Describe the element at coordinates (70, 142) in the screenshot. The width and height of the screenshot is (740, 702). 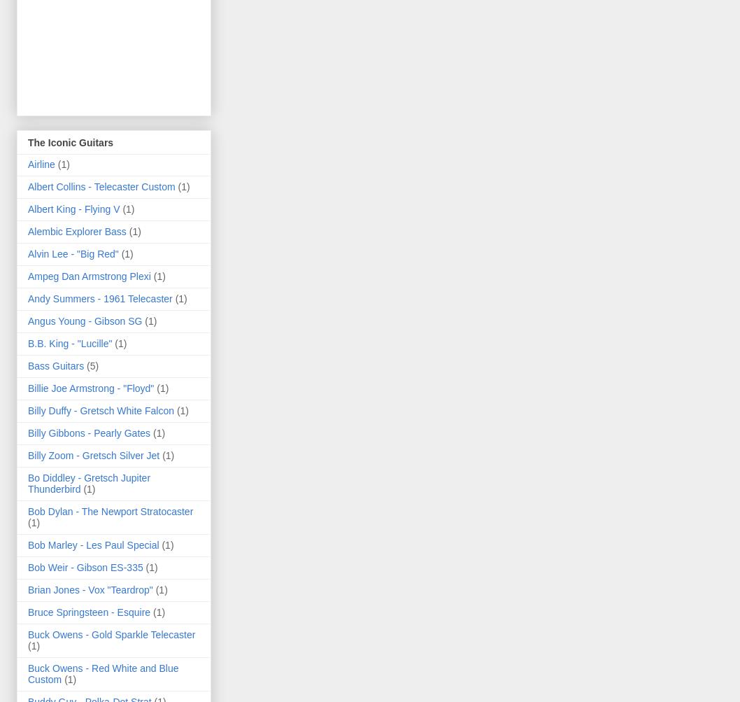
I see `'The Iconic Guitars'` at that location.